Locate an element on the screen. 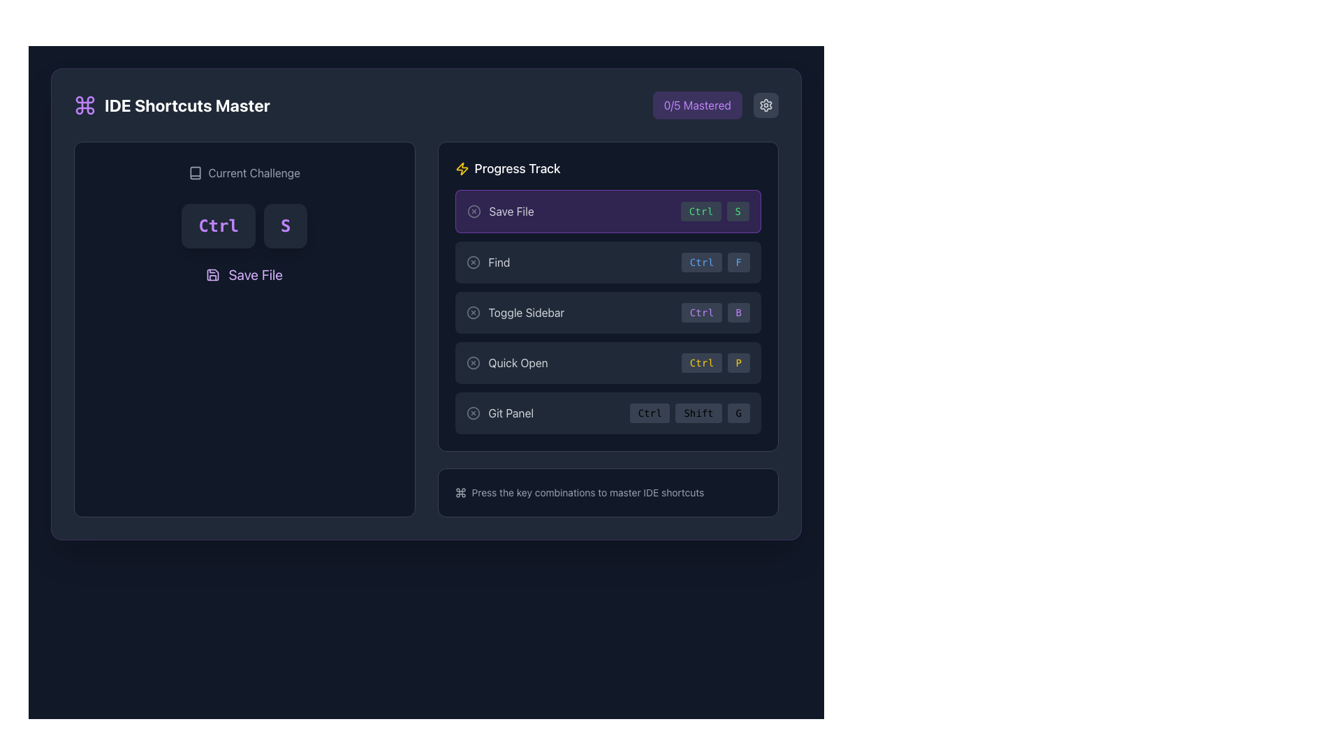  text from the header label positioned at the top section of the interface, which serves as the title for the section is located at coordinates (171, 104).